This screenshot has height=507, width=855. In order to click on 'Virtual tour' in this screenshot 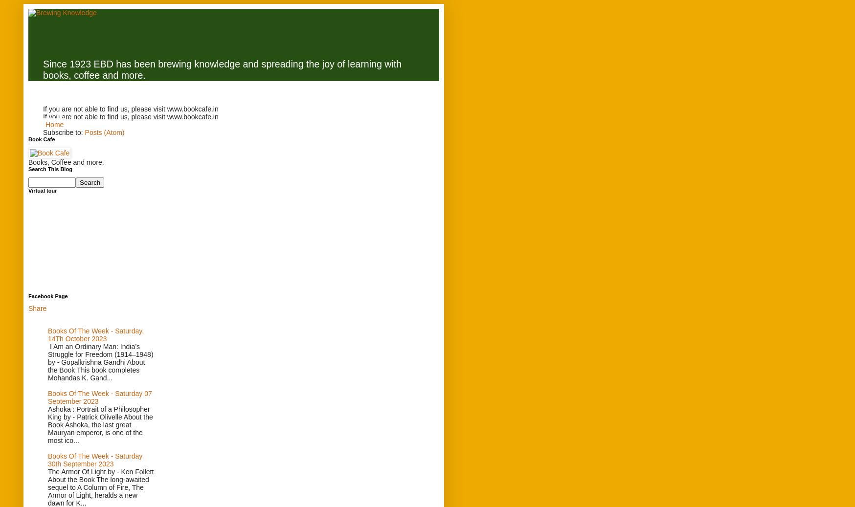, I will do `click(43, 190)`.